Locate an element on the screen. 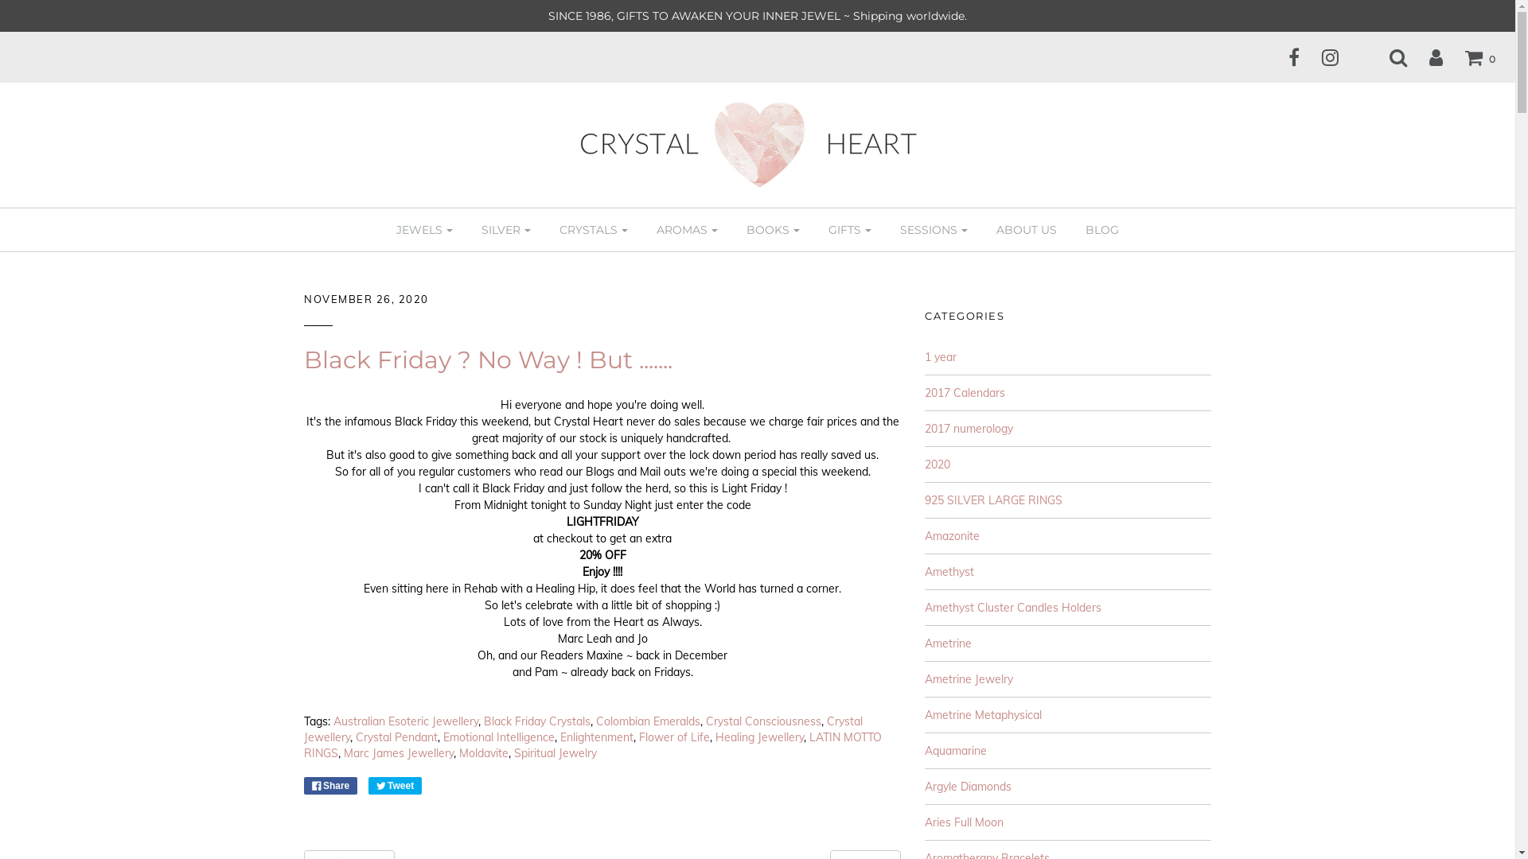  'Log in' is located at coordinates (1409, 56).